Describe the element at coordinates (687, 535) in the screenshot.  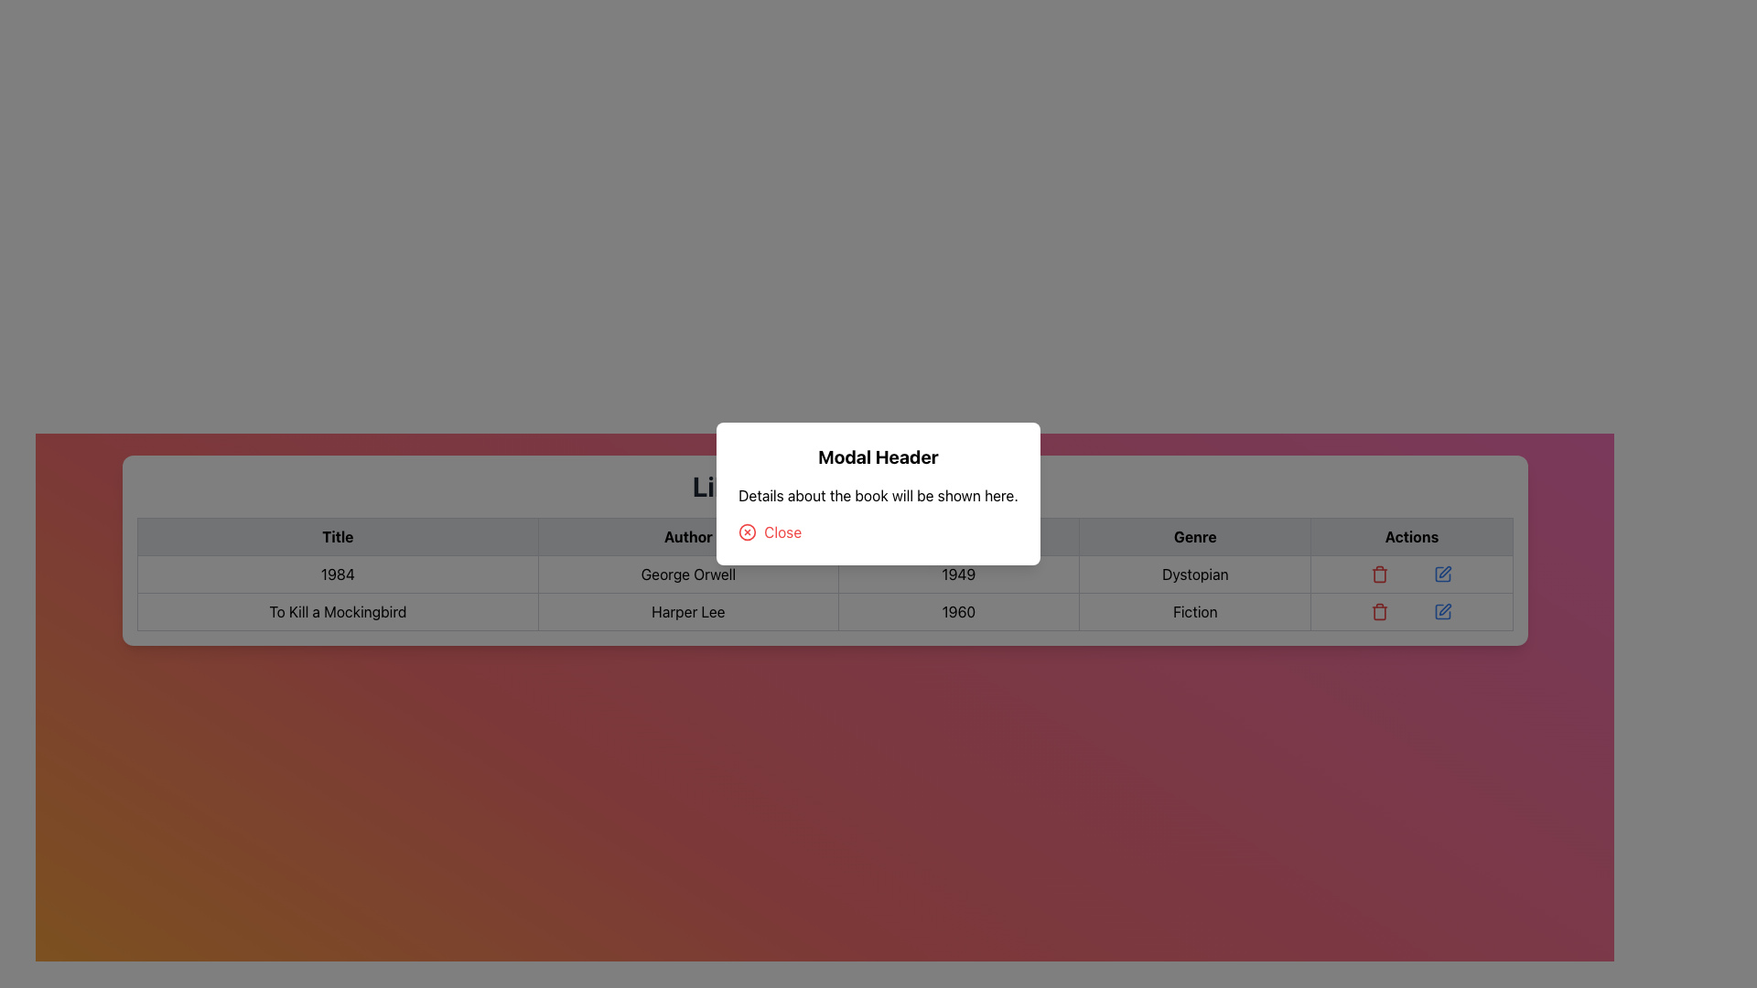
I see `the table header labeled 'Author', which is styled with a gray background and black text, positioned between the 'Title' and 'Published' headers` at that location.